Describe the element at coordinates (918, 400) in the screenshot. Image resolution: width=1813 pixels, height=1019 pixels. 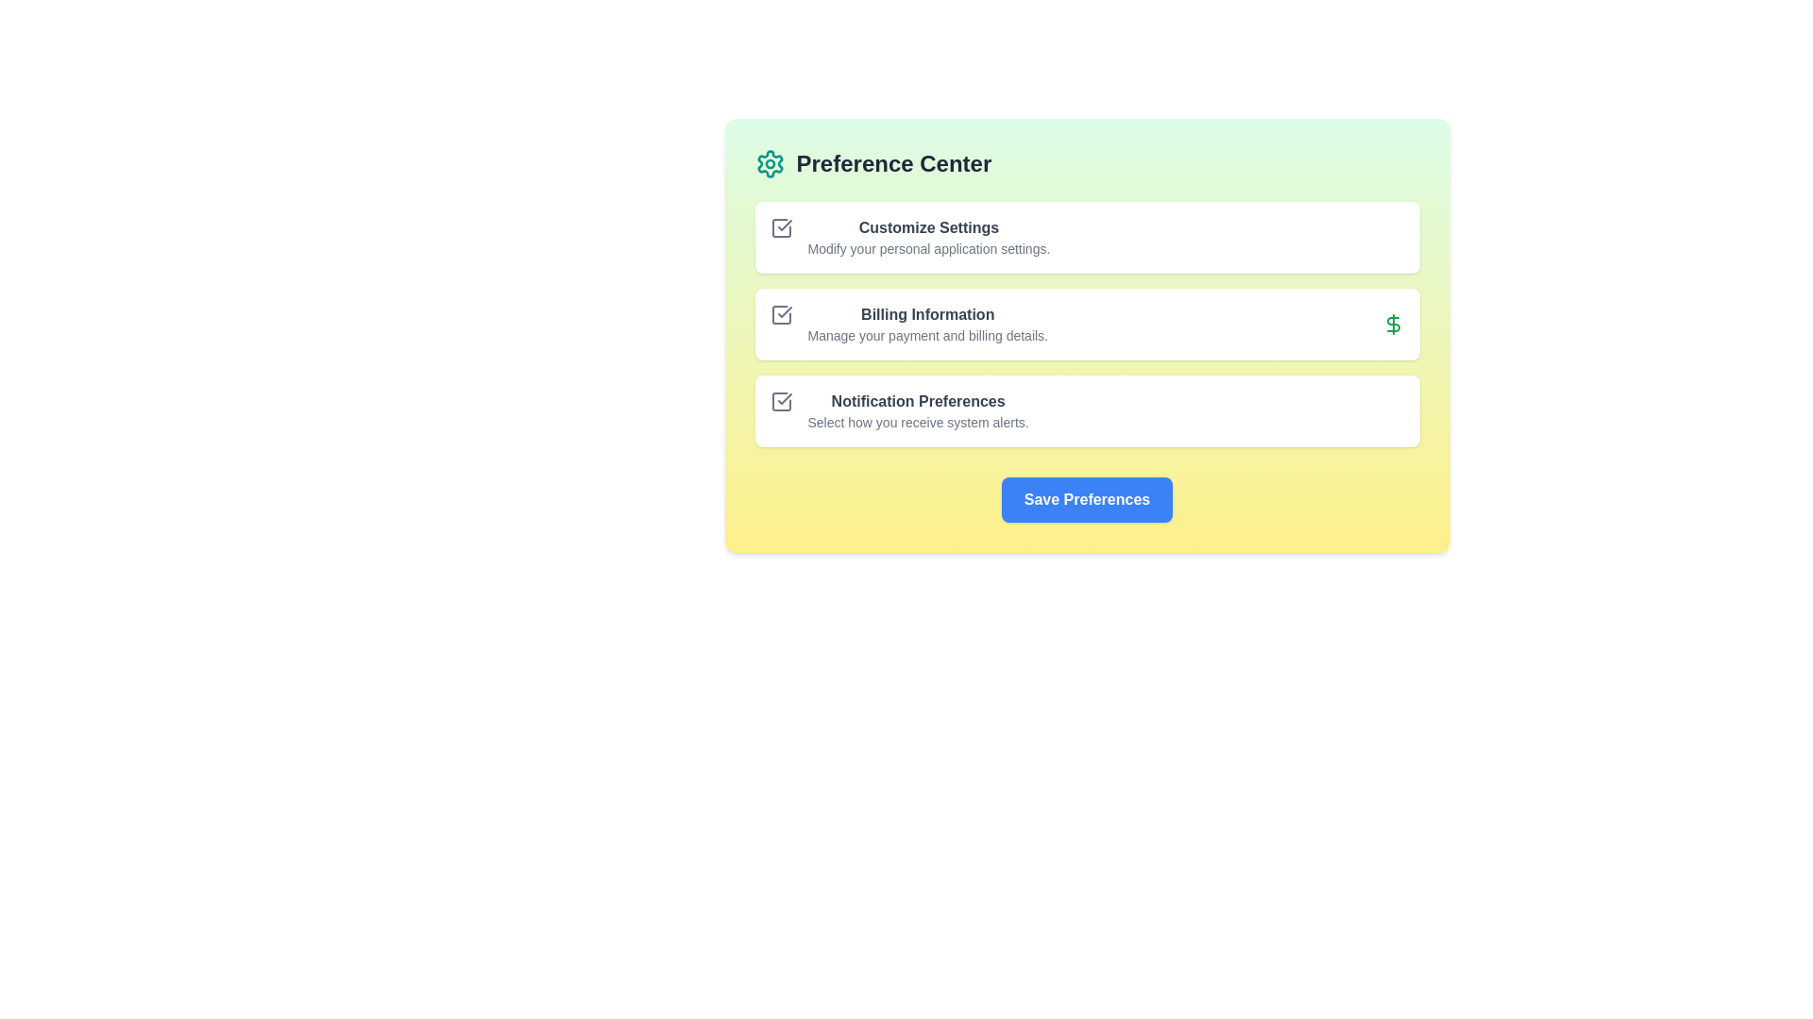
I see `the Notification Preferences text label, which is the title of the third grouping in the Preference Center interface, located below the 'Billing Information' section and above the 'Save Preferences' button` at that location.